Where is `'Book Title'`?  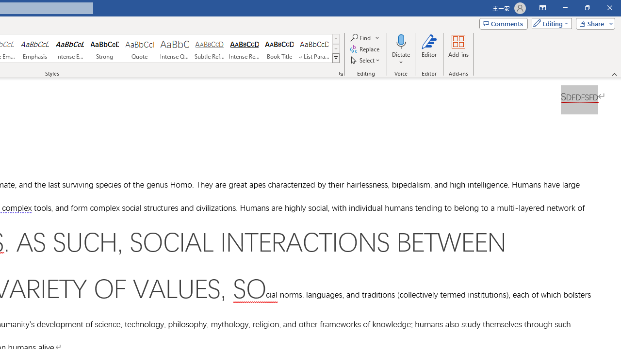
'Book Title' is located at coordinates (279, 48).